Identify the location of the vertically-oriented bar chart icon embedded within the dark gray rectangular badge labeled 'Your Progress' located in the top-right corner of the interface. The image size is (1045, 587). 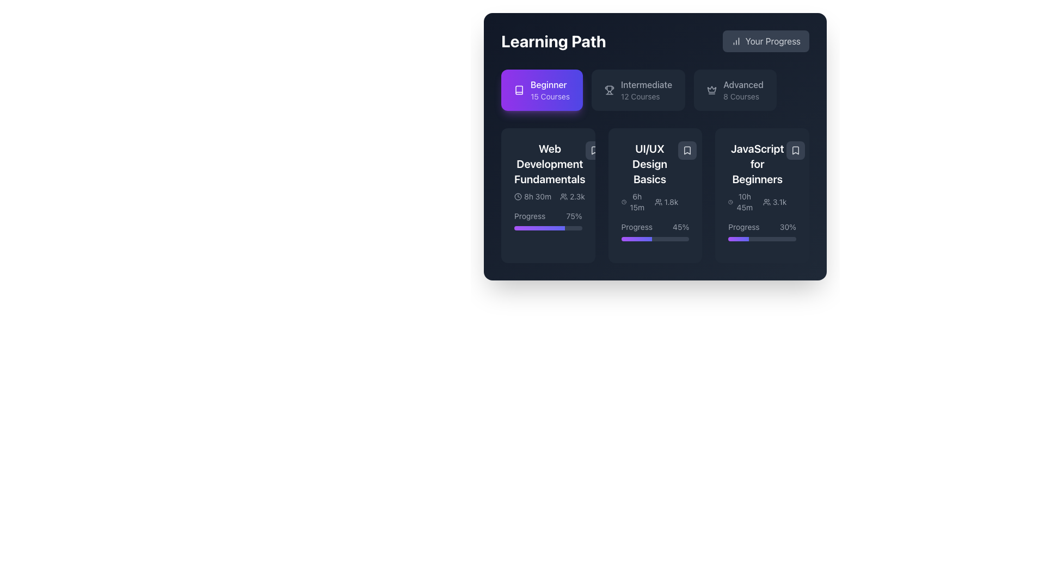
(736, 41).